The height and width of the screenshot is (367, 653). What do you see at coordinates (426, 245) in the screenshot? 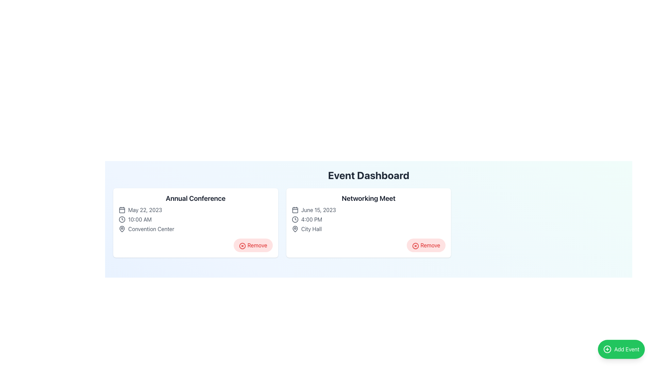
I see `the 'Remove' button with a red background and red text located at the bottom-right corner of the 'Networking Meet' event card` at bounding box center [426, 245].